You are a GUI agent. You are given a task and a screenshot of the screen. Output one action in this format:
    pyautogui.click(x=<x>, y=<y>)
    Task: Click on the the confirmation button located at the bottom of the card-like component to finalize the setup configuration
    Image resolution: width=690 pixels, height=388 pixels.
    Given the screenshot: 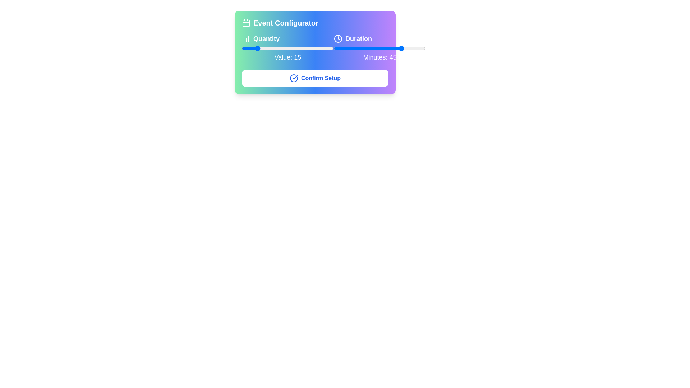 What is the action you would take?
    pyautogui.click(x=315, y=78)
    